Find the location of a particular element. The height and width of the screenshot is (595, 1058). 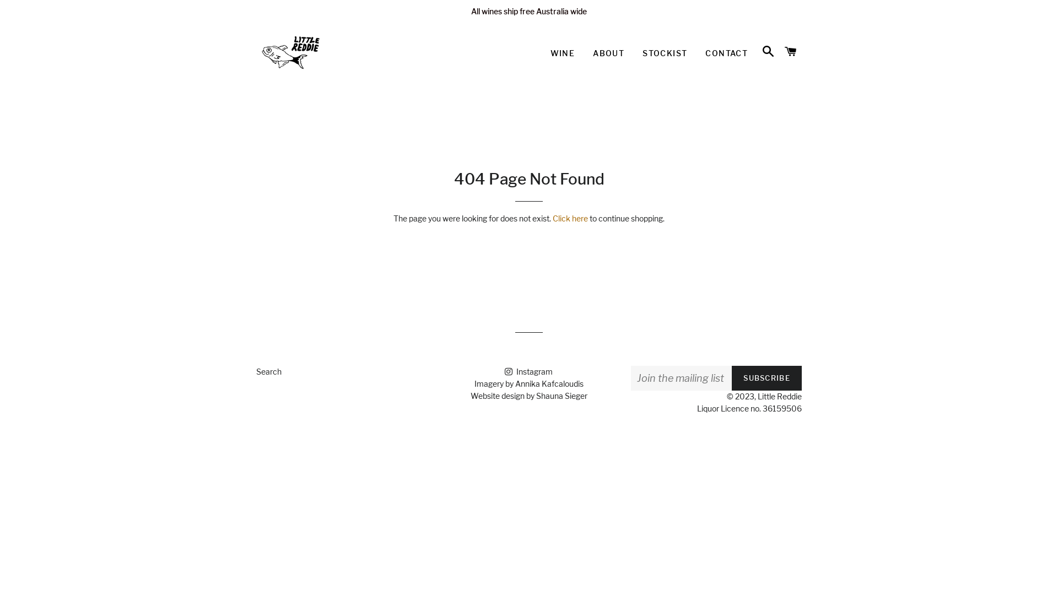

'WINE' is located at coordinates (542, 53).